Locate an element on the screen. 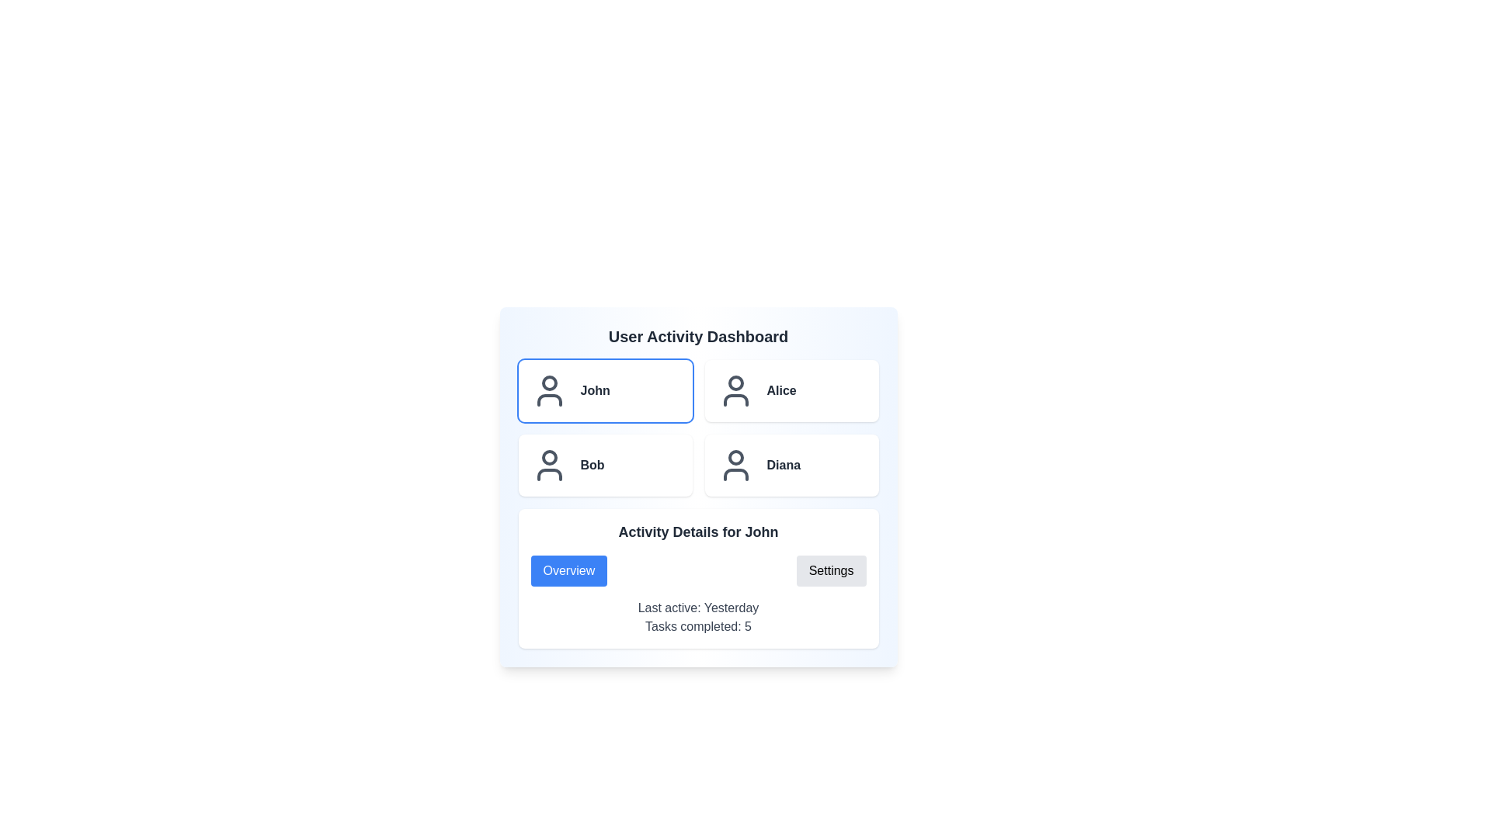 The width and height of the screenshot is (1491, 838). text displayed in the 'Alice' label, which is bold and dark gray, located in the second square card of the first row in the user card grid is located at coordinates (781, 390).